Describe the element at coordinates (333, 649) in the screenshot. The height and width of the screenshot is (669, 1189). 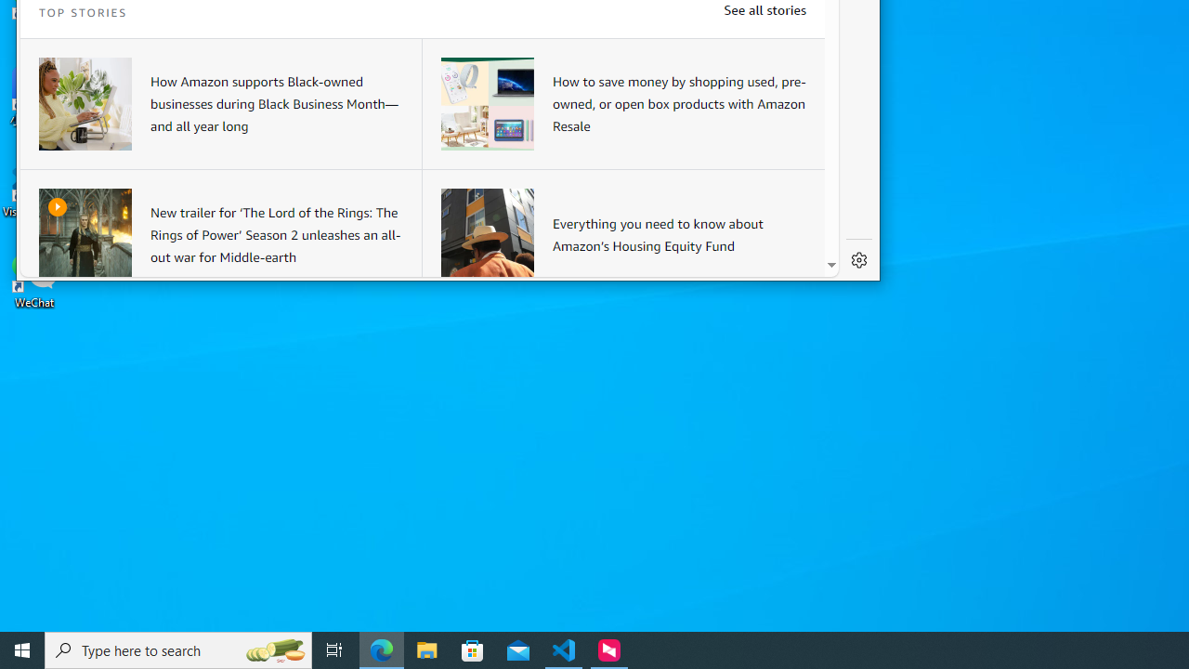
I see `'Task View'` at that location.